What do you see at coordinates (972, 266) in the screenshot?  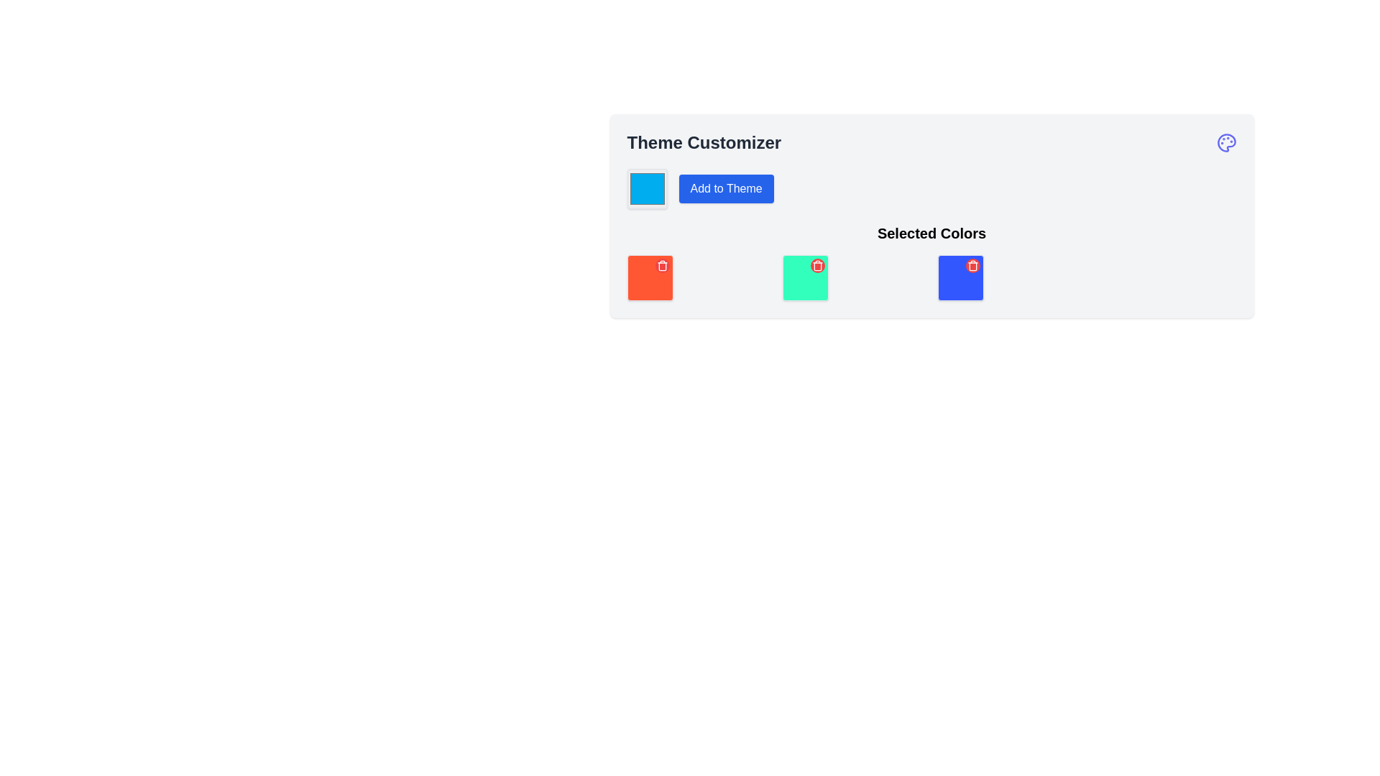 I see `the trash icon in the top-right corner of the blue color block under the 'Selected Colors' section` at bounding box center [972, 266].